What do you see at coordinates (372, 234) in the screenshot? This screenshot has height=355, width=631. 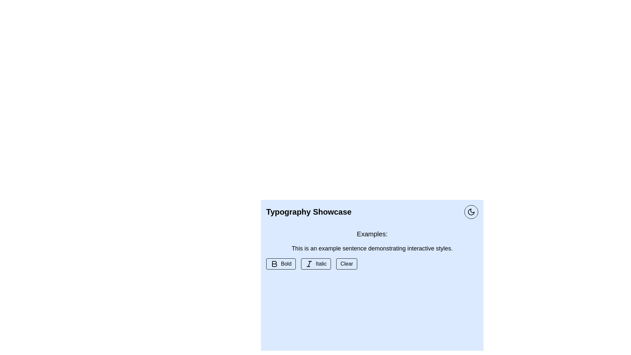 I see `the text label 'Examples:' which is styled with an extra-large font on a light blue background to trigger any potential tooltip` at bounding box center [372, 234].